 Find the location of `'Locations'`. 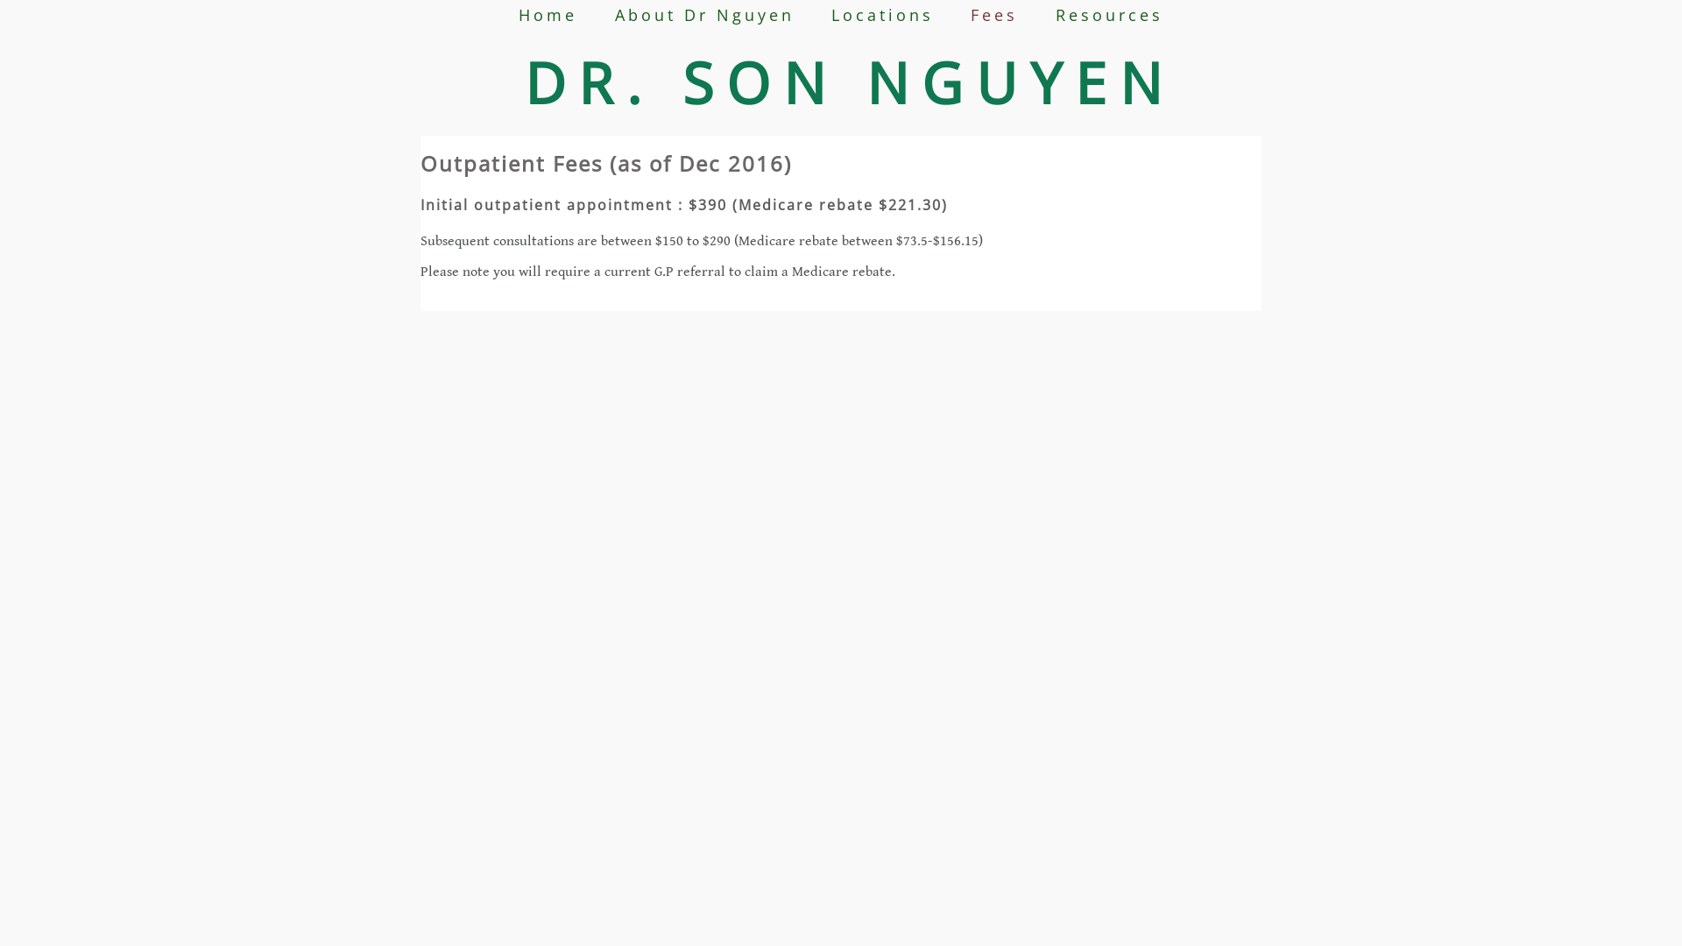

'Locations' is located at coordinates (882, 14).